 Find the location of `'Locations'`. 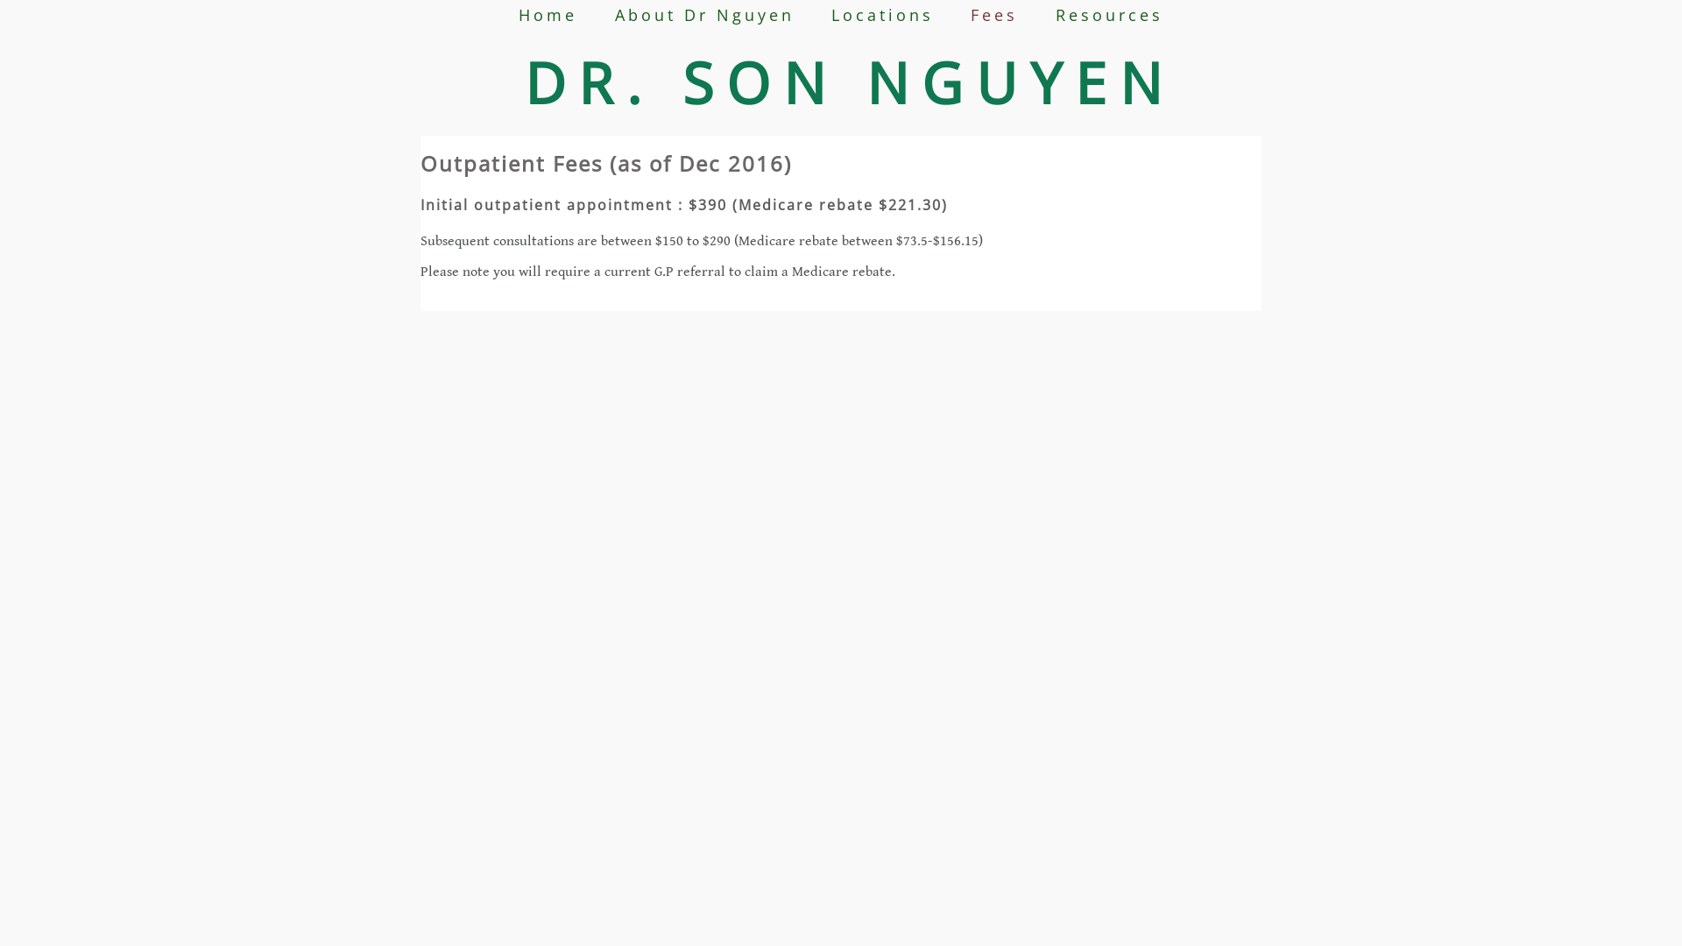

'Locations' is located at coordinates (882, 14).